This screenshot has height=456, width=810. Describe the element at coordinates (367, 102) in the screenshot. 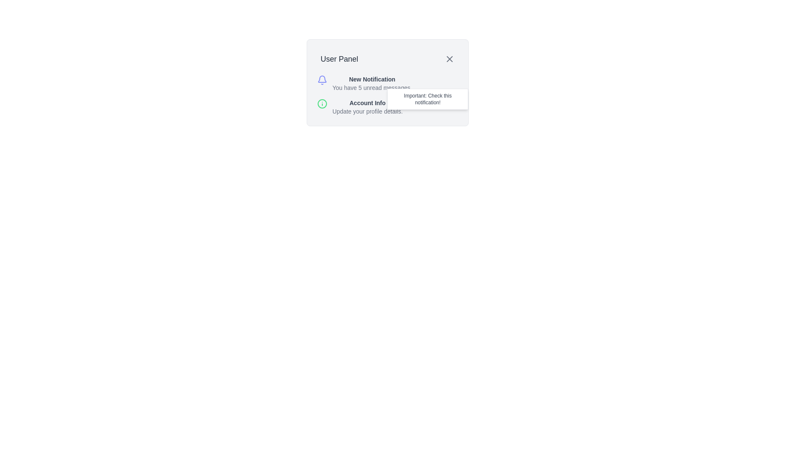

I see `text label indicating user account information, positioned below 'New Notification' and above 'Update your profile details.' in the center-right of the panel` at that location.